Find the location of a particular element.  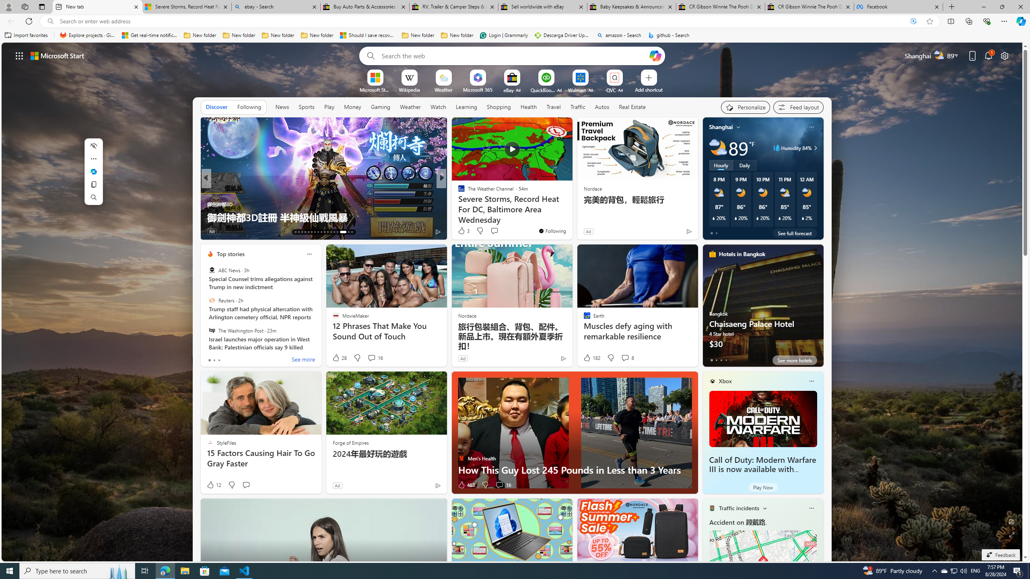

'Personalize your feed"' is located at coordinates (745, 107).